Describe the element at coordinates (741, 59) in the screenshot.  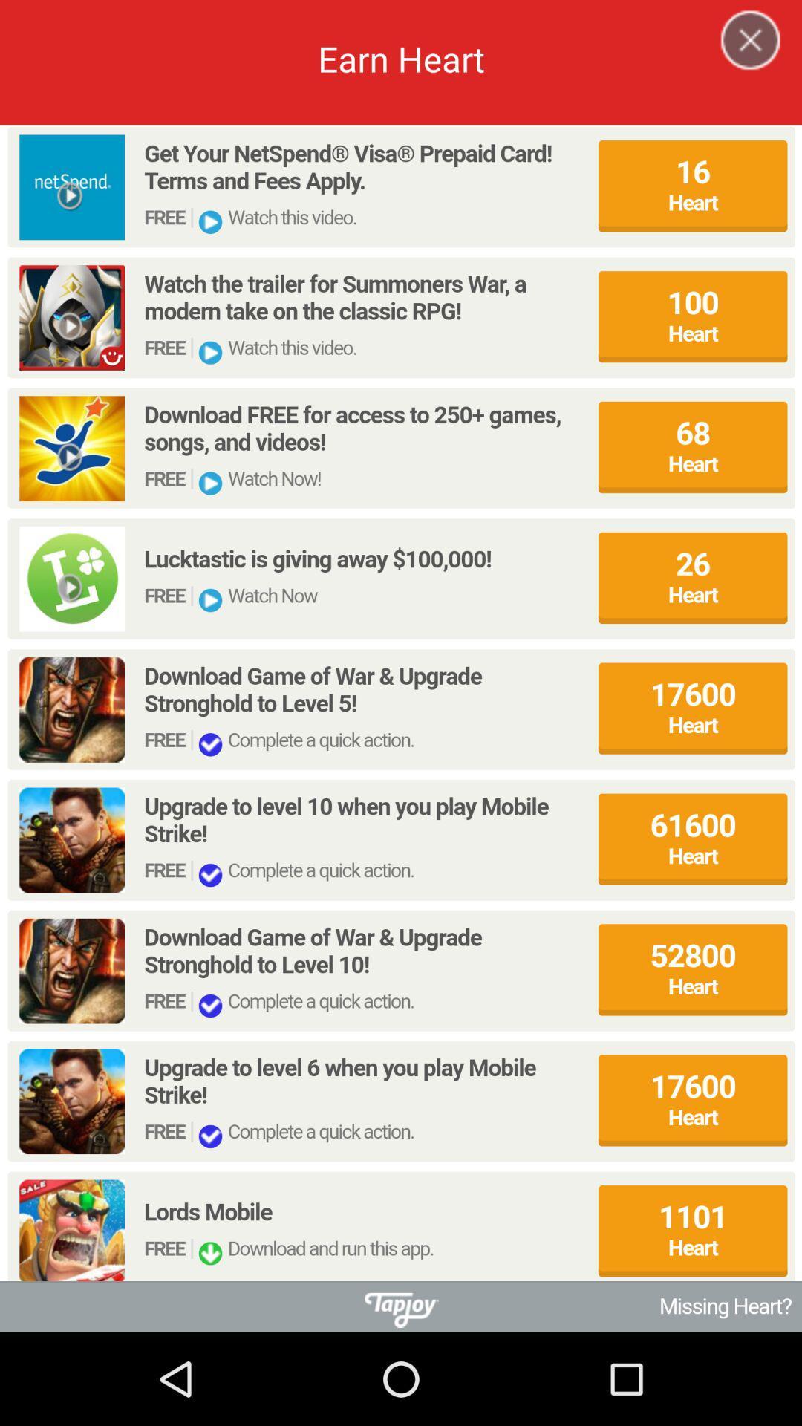
I see `the close icon` at that location.